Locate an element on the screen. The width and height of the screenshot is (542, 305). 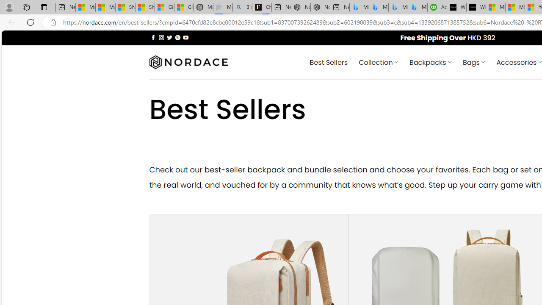
'Follow on Facebook' is located at coordinates (153, 37).